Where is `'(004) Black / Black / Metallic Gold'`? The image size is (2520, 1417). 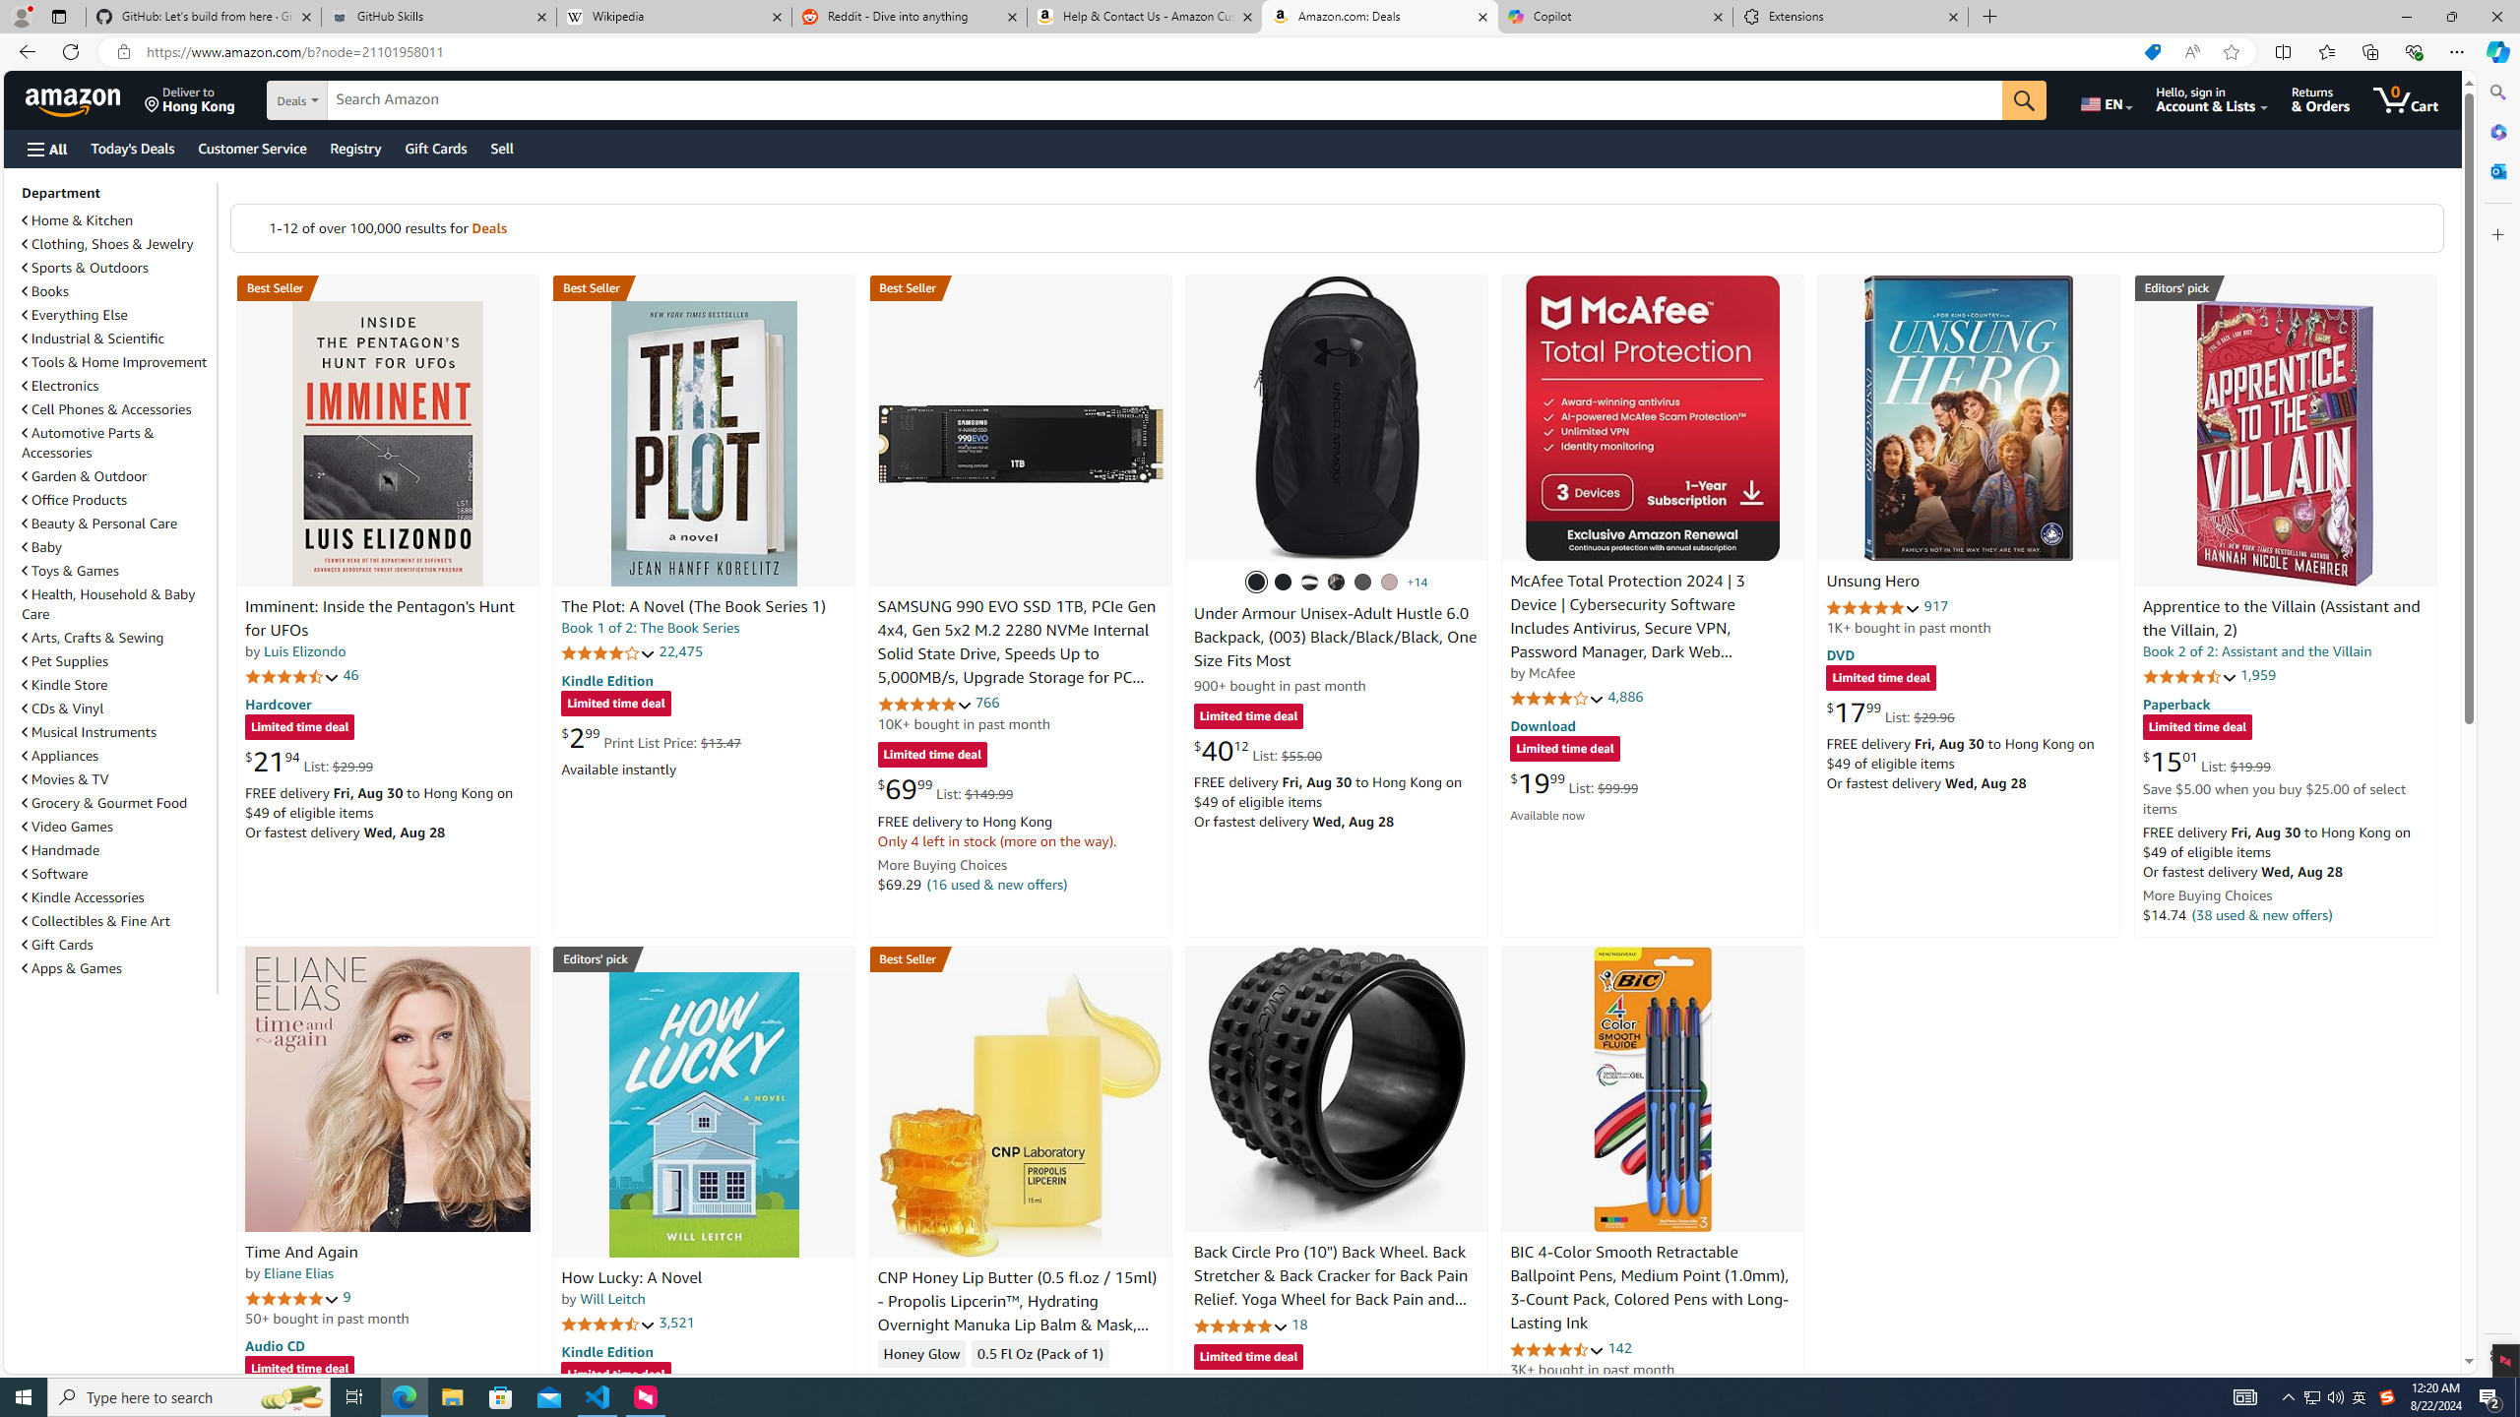 '(004) Black / Black / Metallic Gold' is located at coordinates (1336, 581).